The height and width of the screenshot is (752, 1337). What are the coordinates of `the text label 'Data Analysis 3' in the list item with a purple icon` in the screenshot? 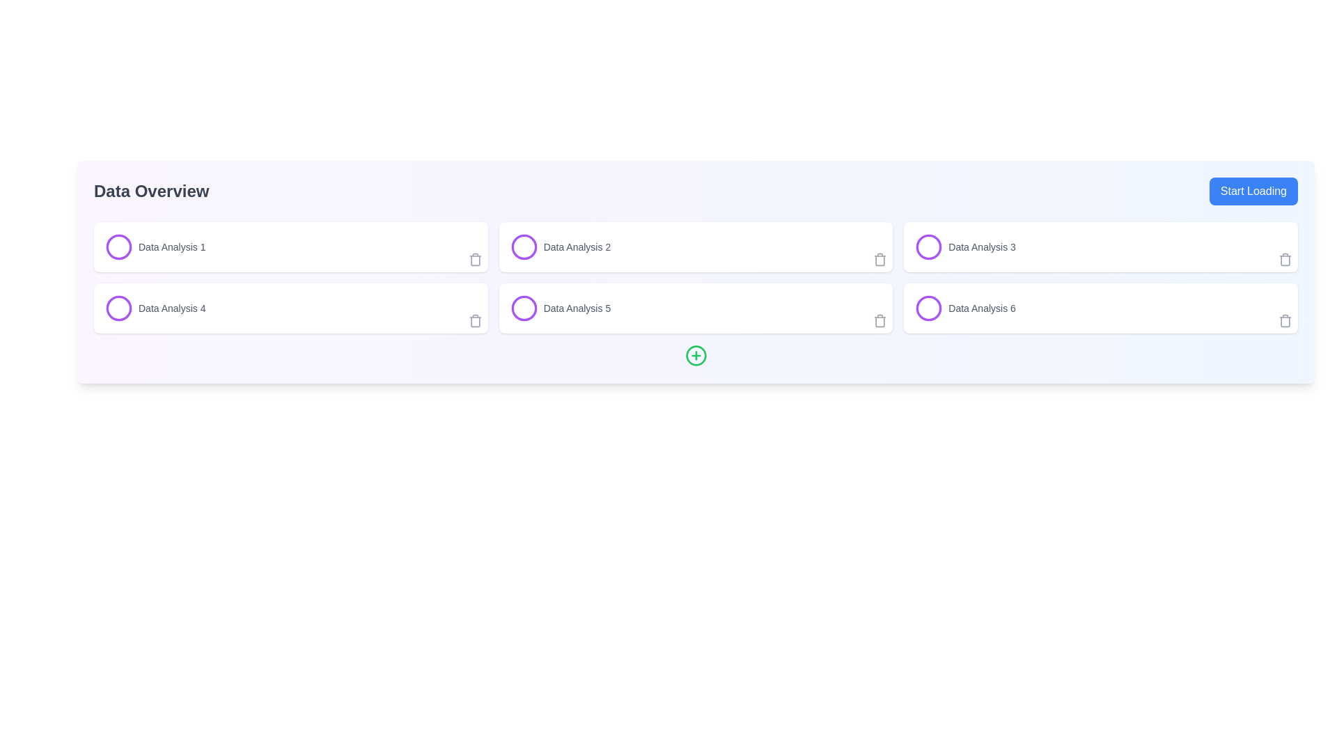 It's located at (964, 246).